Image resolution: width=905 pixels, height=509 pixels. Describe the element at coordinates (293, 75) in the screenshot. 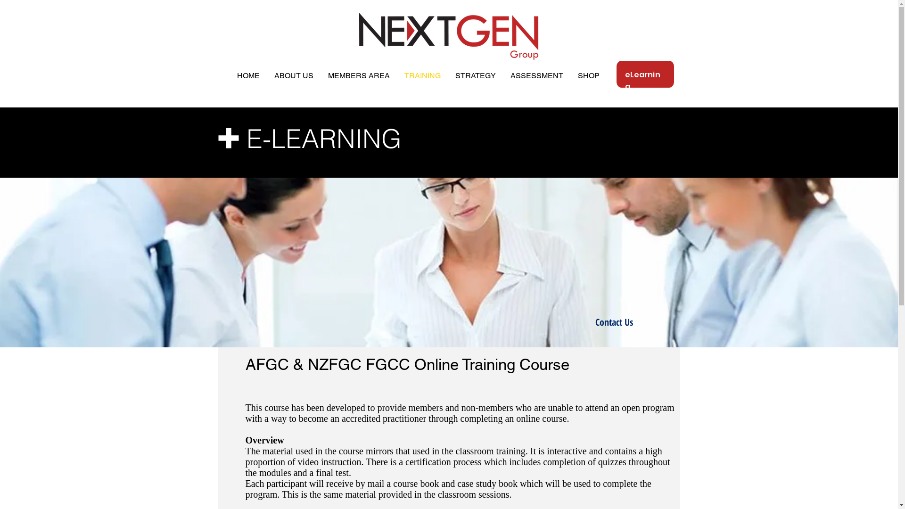

I see `'ABOUT US'` at that location.